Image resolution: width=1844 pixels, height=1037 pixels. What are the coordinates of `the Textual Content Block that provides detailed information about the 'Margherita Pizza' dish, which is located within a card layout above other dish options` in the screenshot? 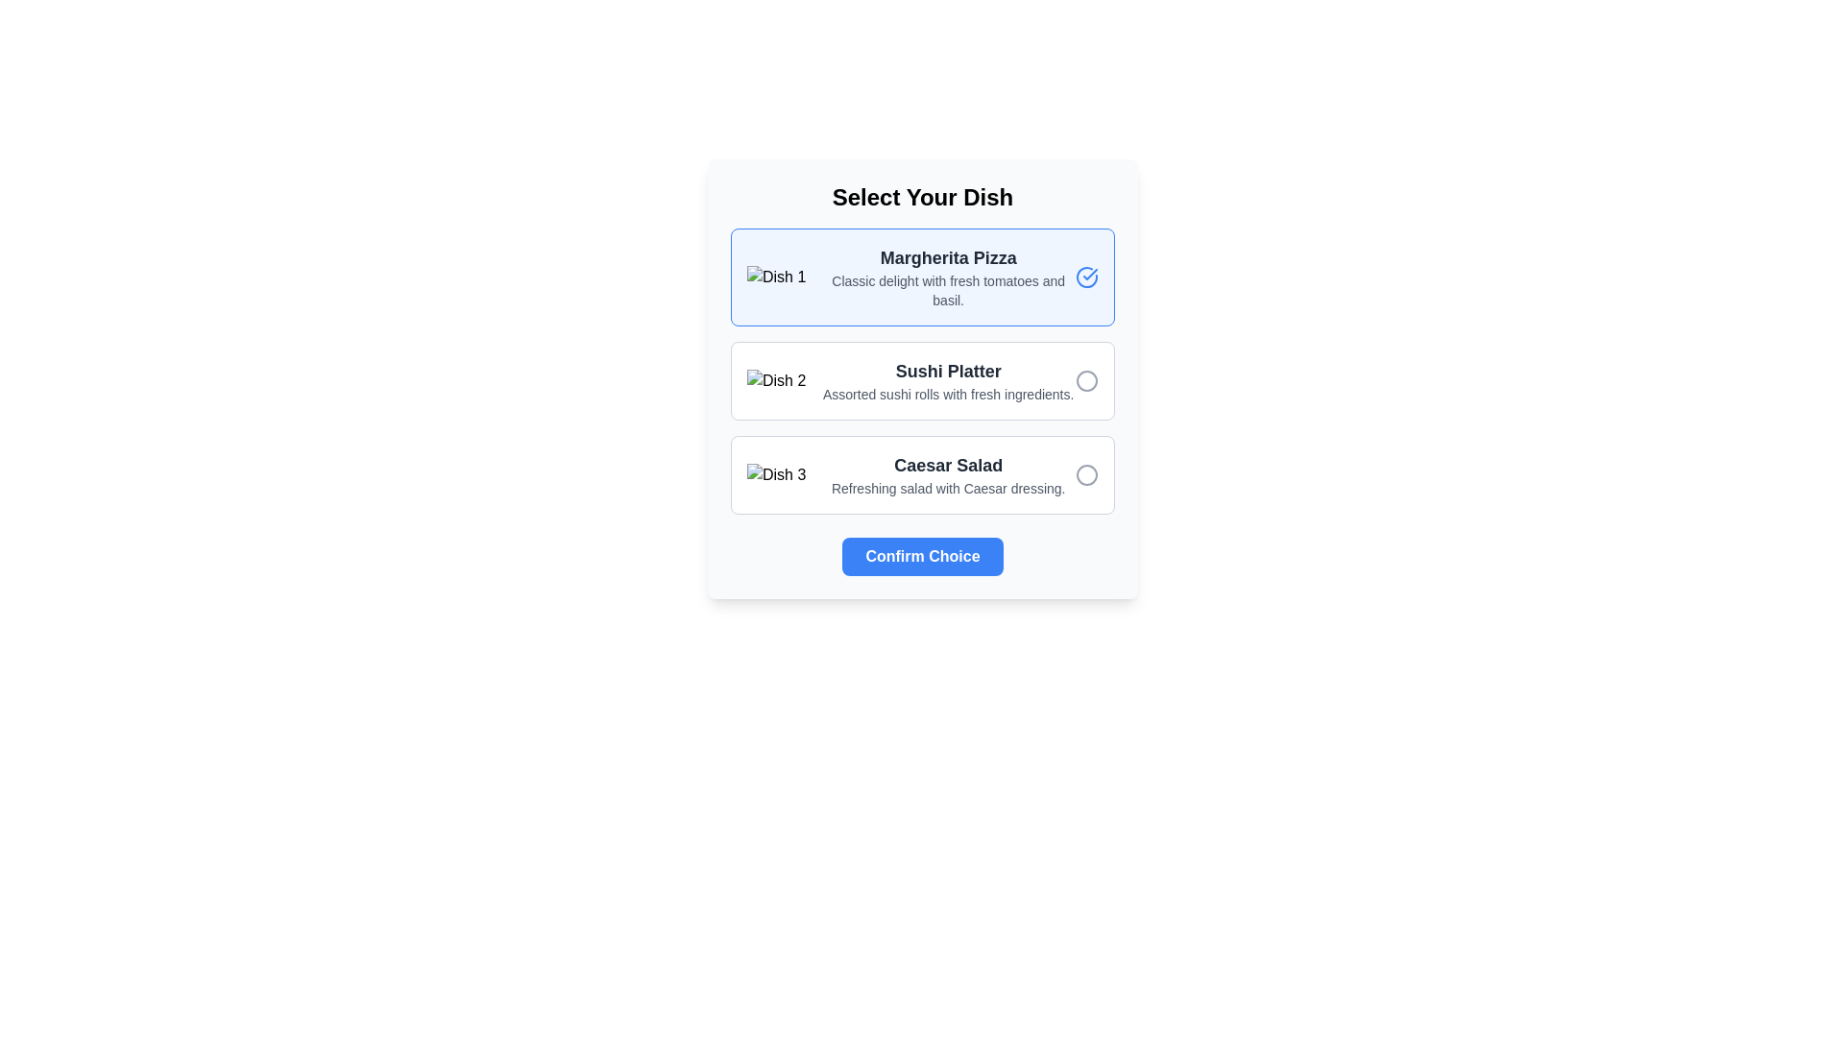 It's located at (948, 277).